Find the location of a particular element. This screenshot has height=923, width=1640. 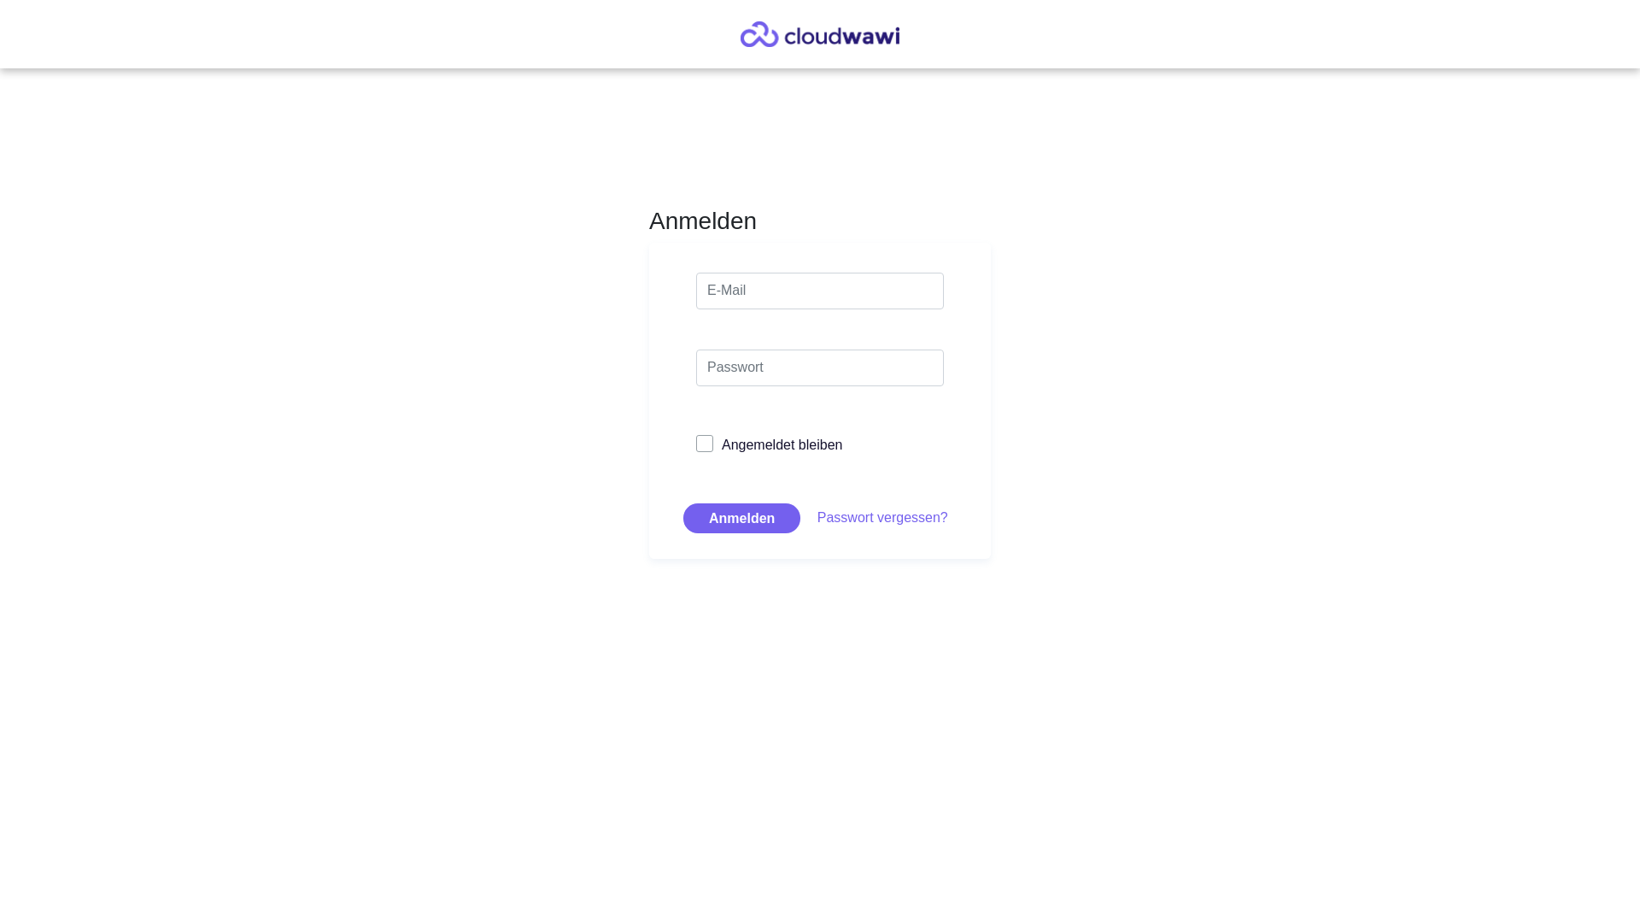

'Anmelden' is located at coordinates (741, 517).